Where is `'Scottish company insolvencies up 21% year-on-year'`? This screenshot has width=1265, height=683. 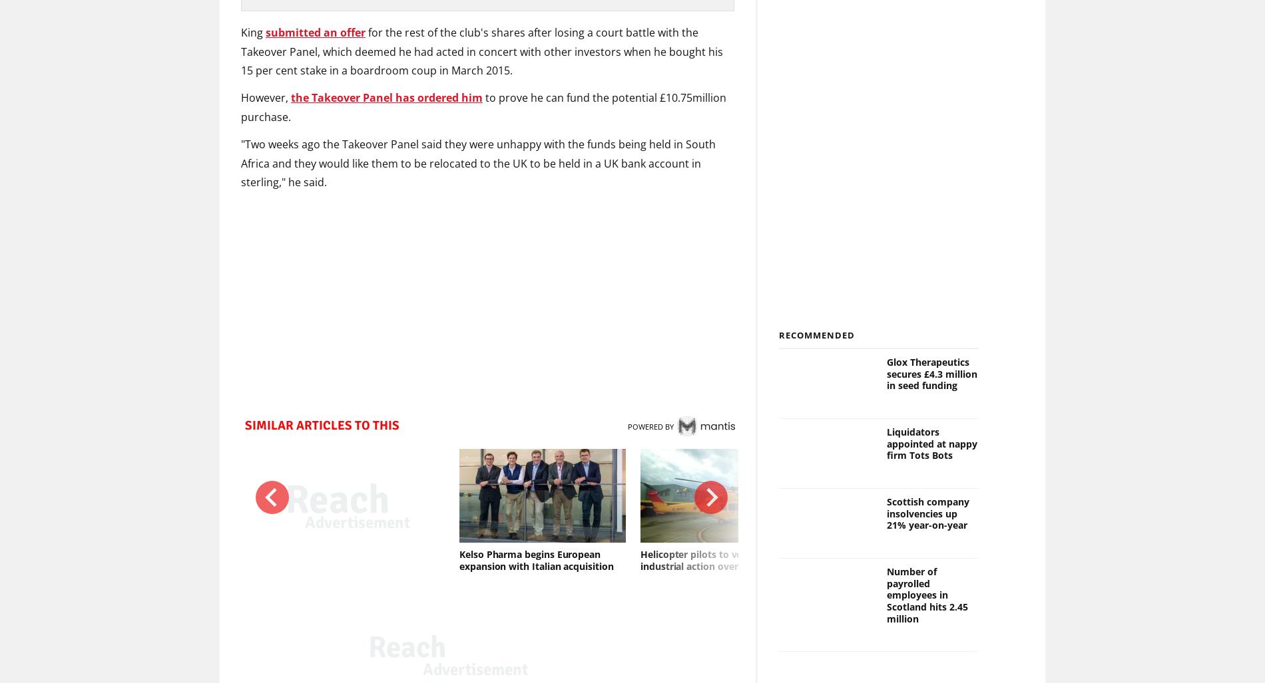
'Scottish company insolvencies up 21% year-on-year' is located at coordinates (927, 513).